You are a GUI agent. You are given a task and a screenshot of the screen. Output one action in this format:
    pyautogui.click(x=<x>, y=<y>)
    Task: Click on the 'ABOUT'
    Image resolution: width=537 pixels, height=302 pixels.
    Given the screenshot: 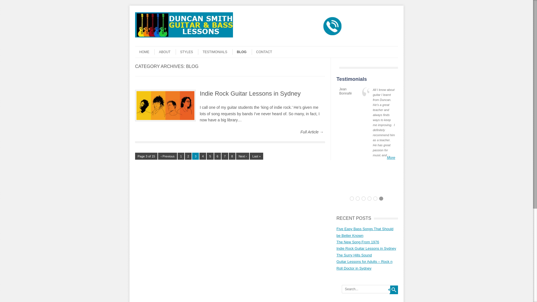 What is the action you would take?
    pyautogui.click(x=162, y=52)
    